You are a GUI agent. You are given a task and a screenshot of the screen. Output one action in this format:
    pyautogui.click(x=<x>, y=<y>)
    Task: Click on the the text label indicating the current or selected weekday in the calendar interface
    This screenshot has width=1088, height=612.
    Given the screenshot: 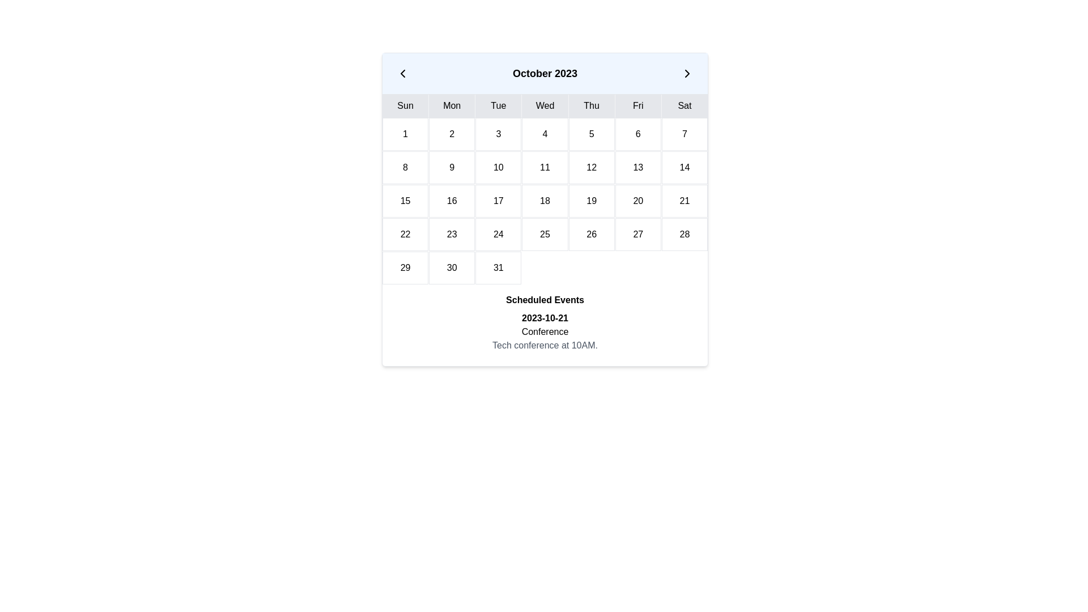 What is the action you would take?
    pyautogui.click(x=545, y=105)
    